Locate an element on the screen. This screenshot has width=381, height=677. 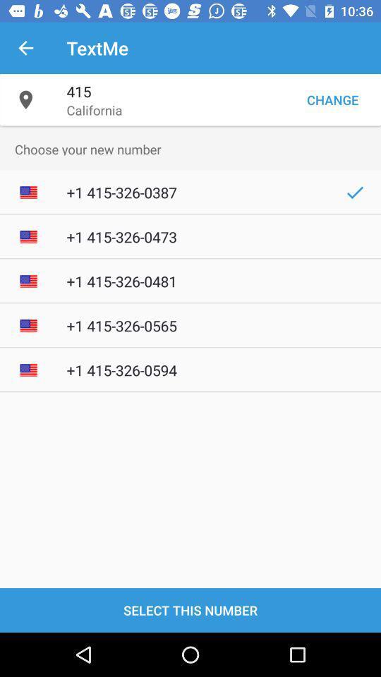
item next to textme app is located at coordinates (25, 48).